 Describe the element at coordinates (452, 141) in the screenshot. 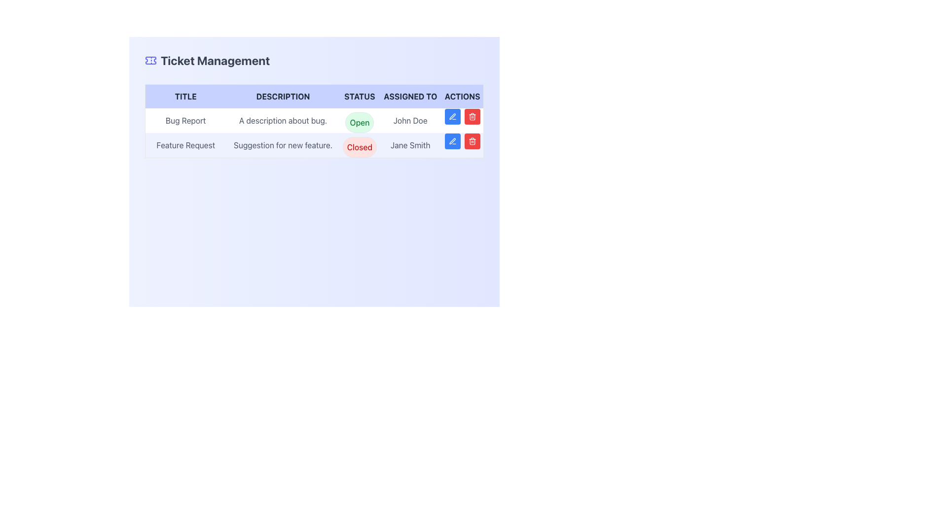

I see `the small pen icon button with a blue background and white outline located at the top right corner of the second row in the 'Actions' column of the table` at that location.